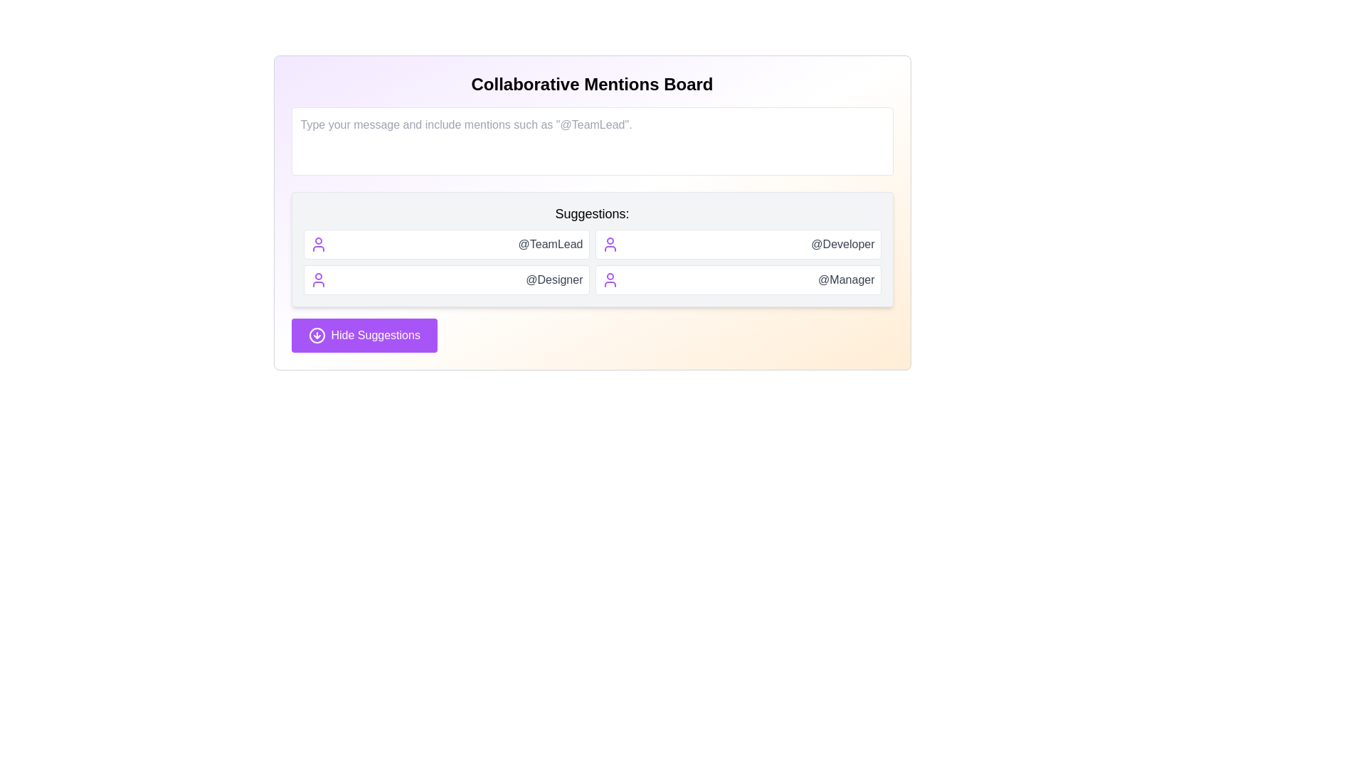 The image size is (1366, 768). I want to click on the user profile icon representing the '@Designer' suggestion located in the third item of the suggestions list, so click(610, 279).